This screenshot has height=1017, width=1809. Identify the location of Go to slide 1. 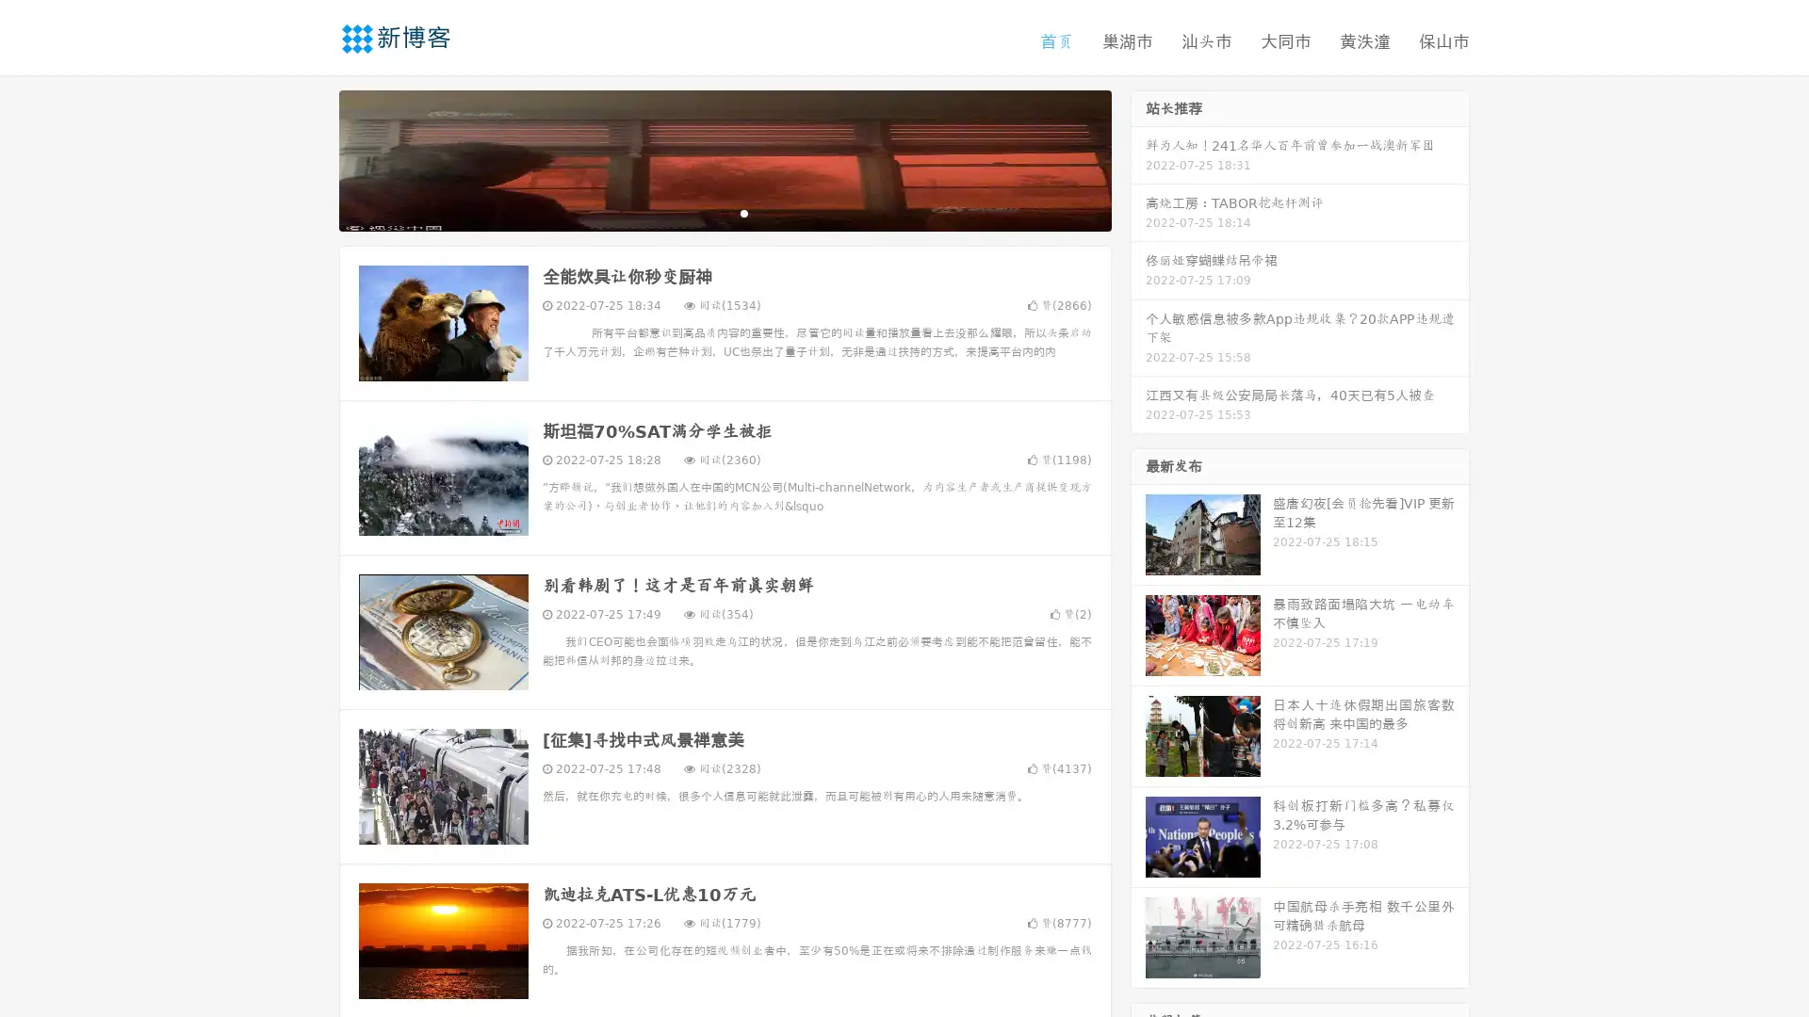
(705, 212).